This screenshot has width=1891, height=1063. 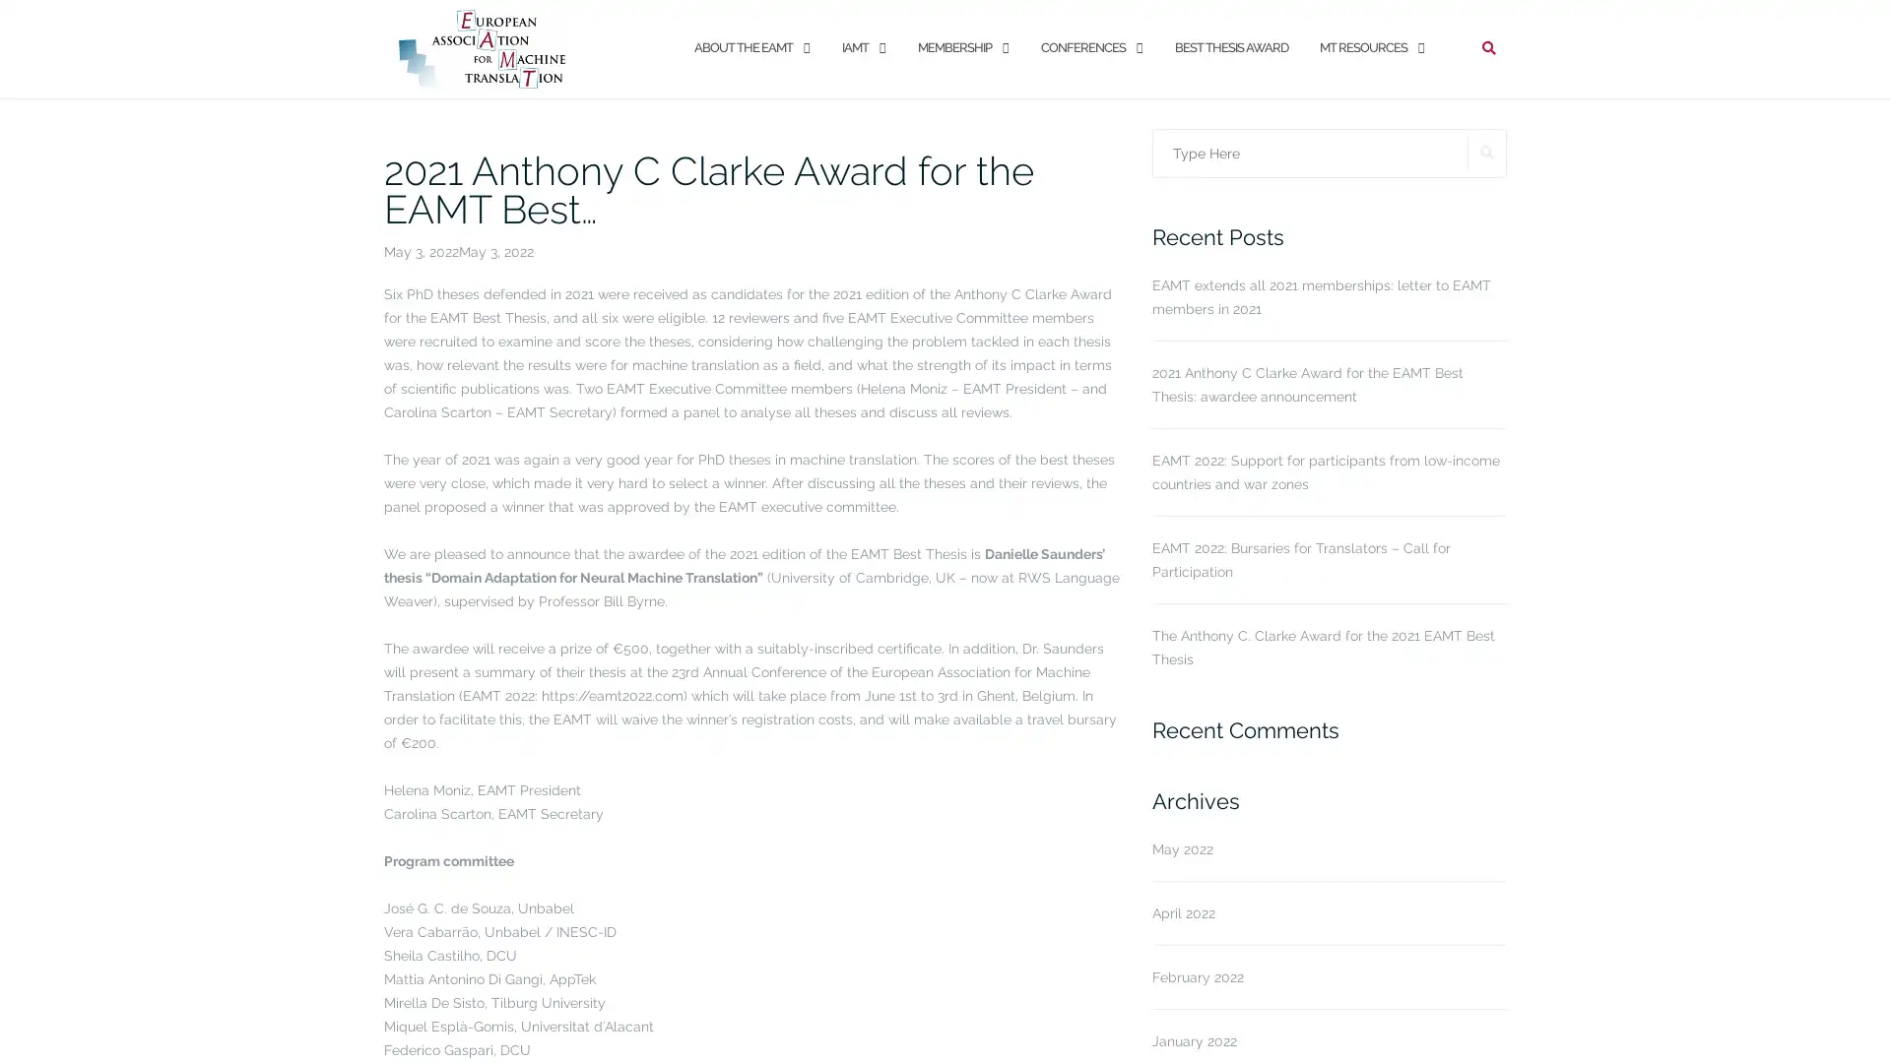 I want to click on SEARCH, so click(x=1487, y=151).